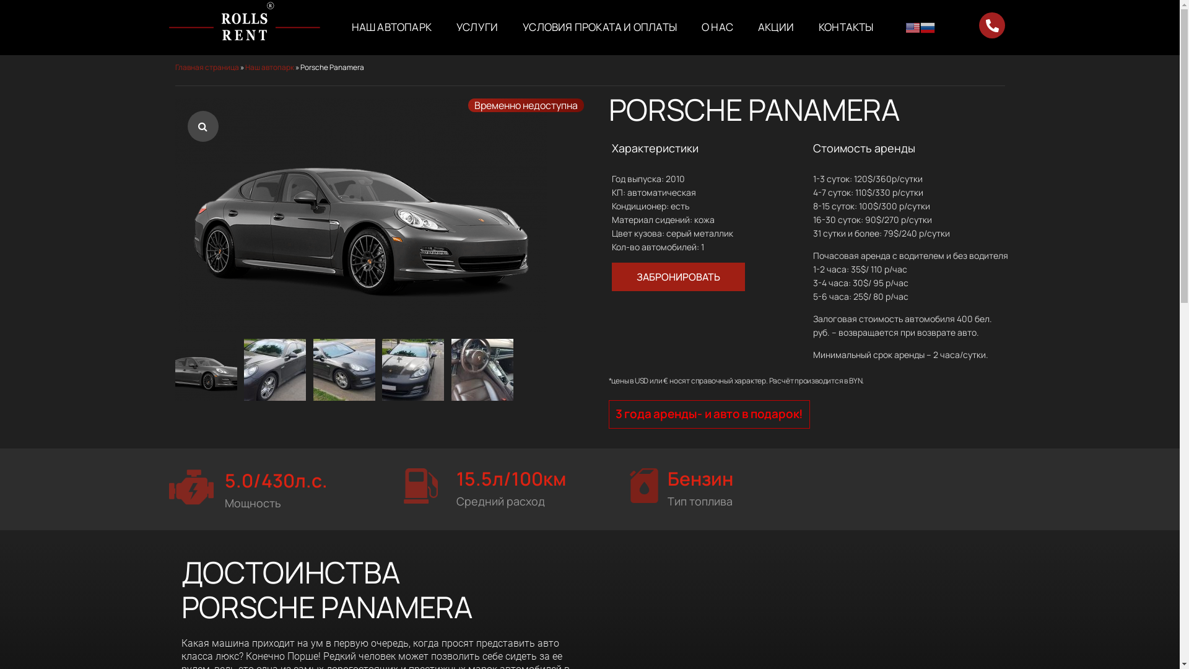  What do you see at coordinates (174, 214) in the screenshot?
I see `'porsche_panamera-min.7dsc9'` at bounding box center [174, 214].